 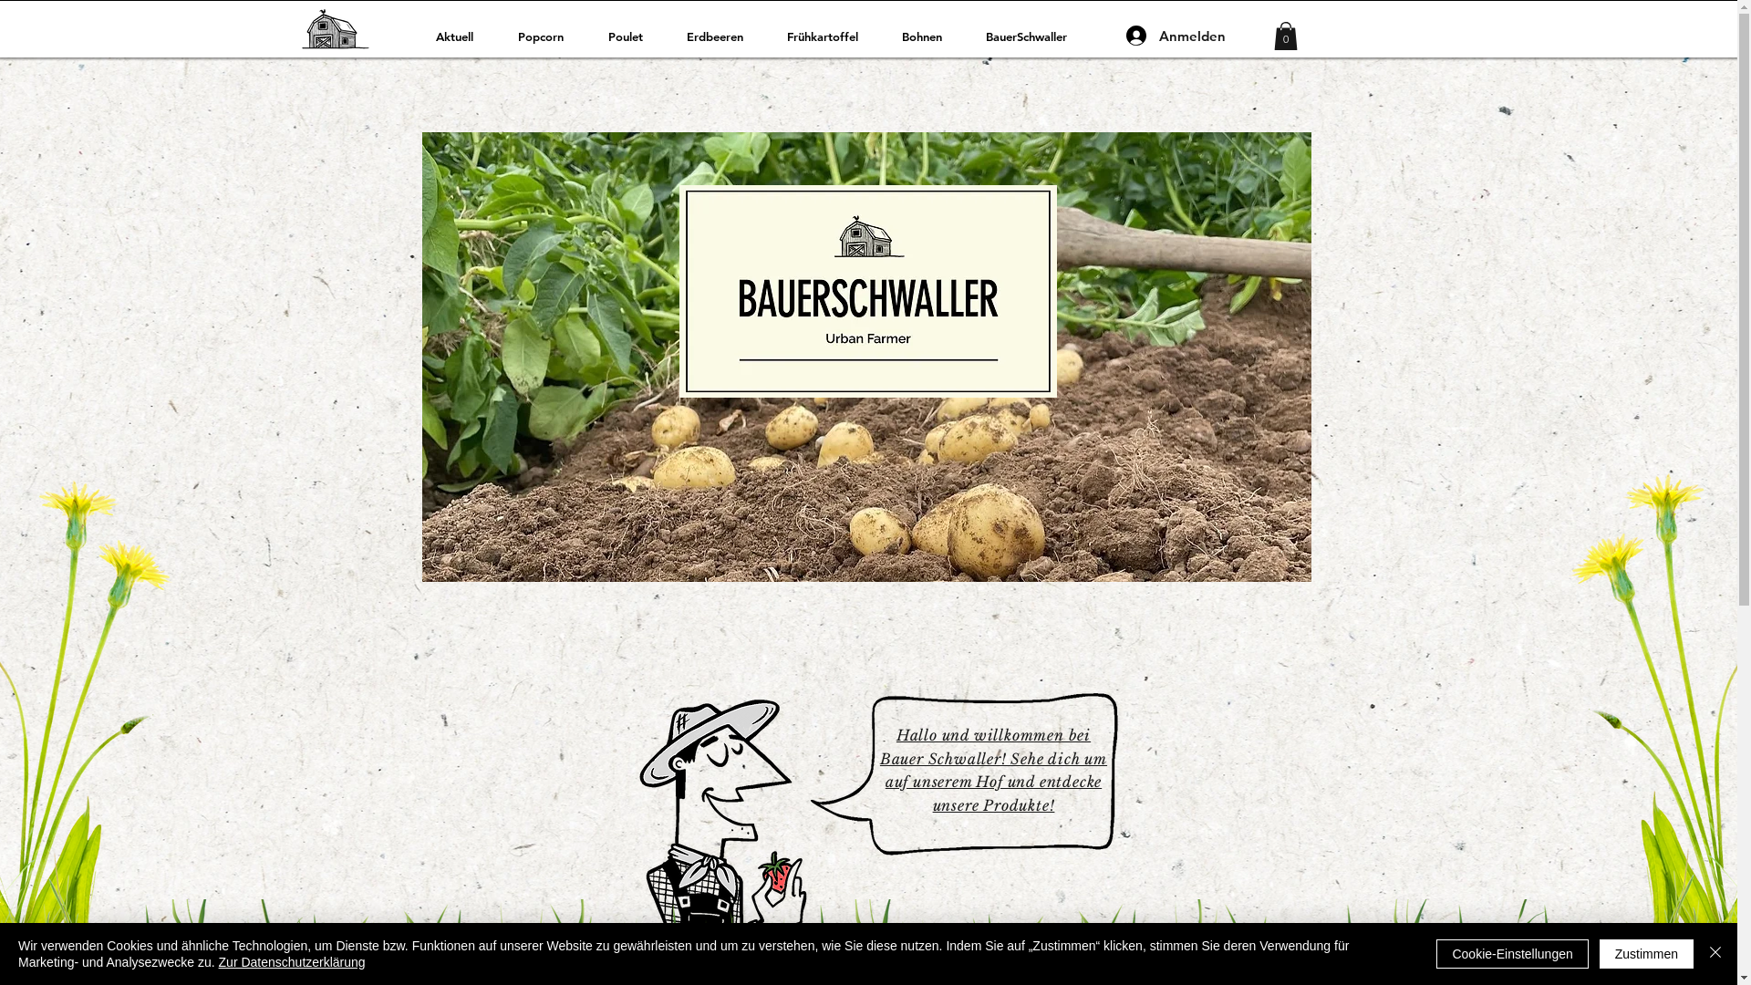 I want to click on 'Erdbeeren', so click(x=672, y=36).